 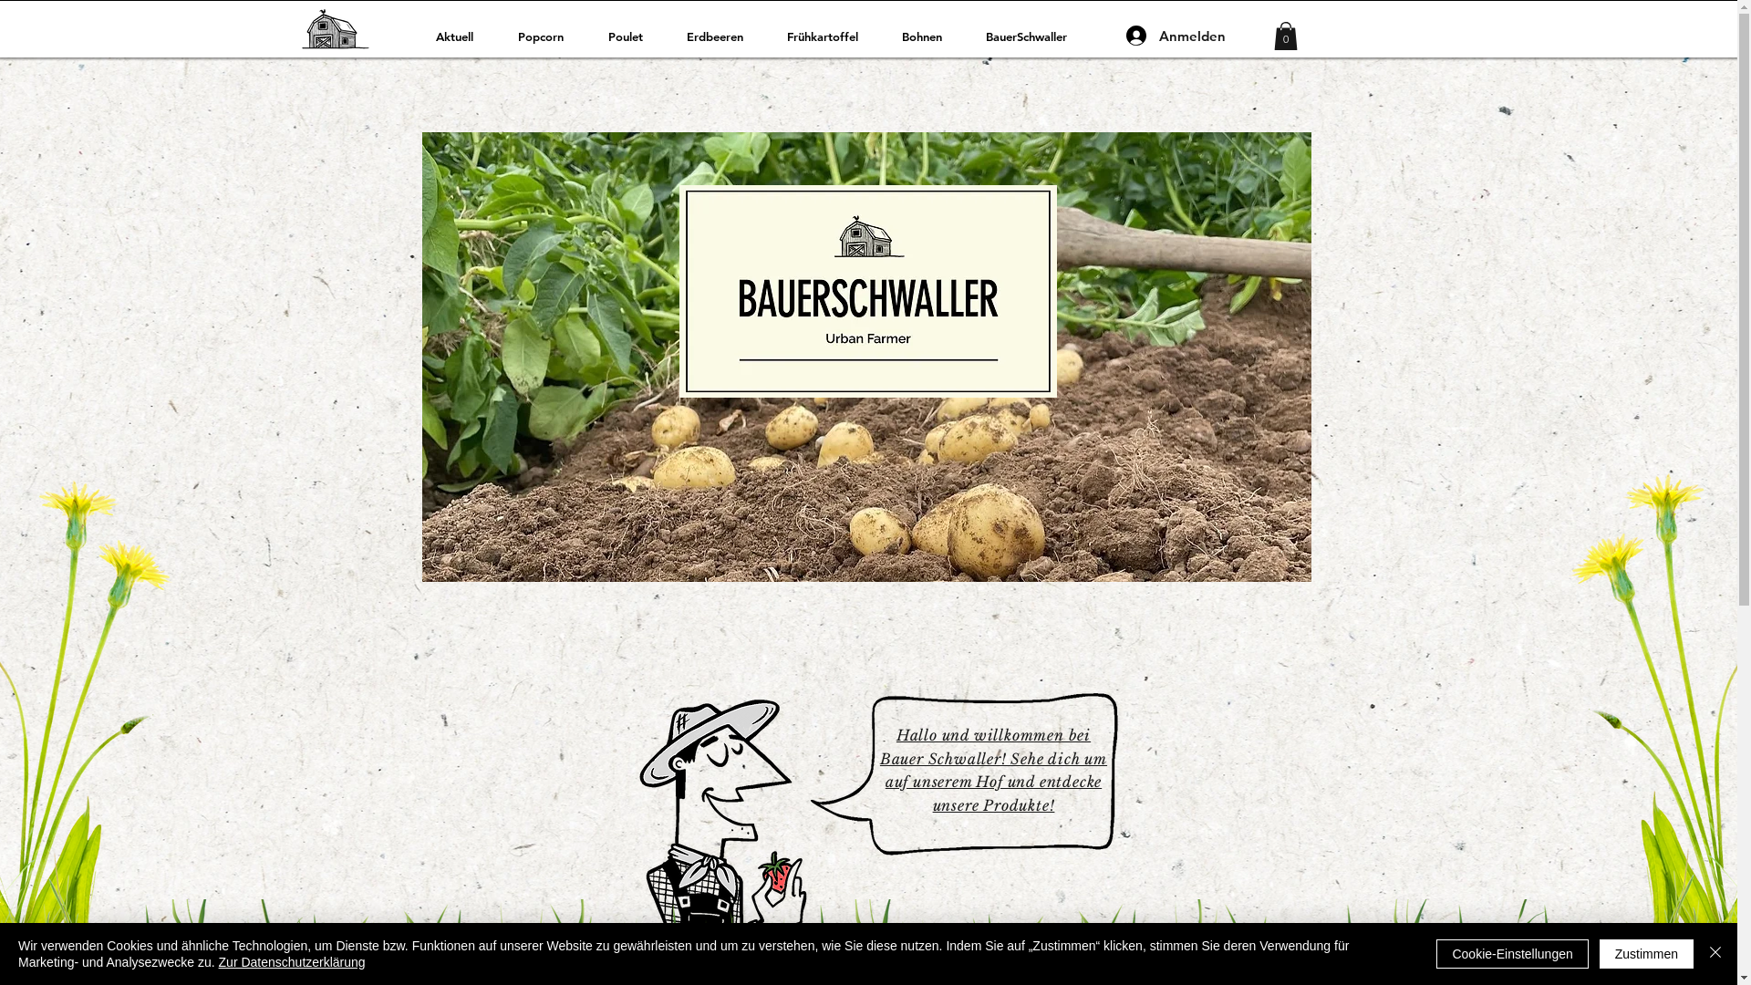 I want to click on 'Erdbeeren', so click(x=672, y=36).